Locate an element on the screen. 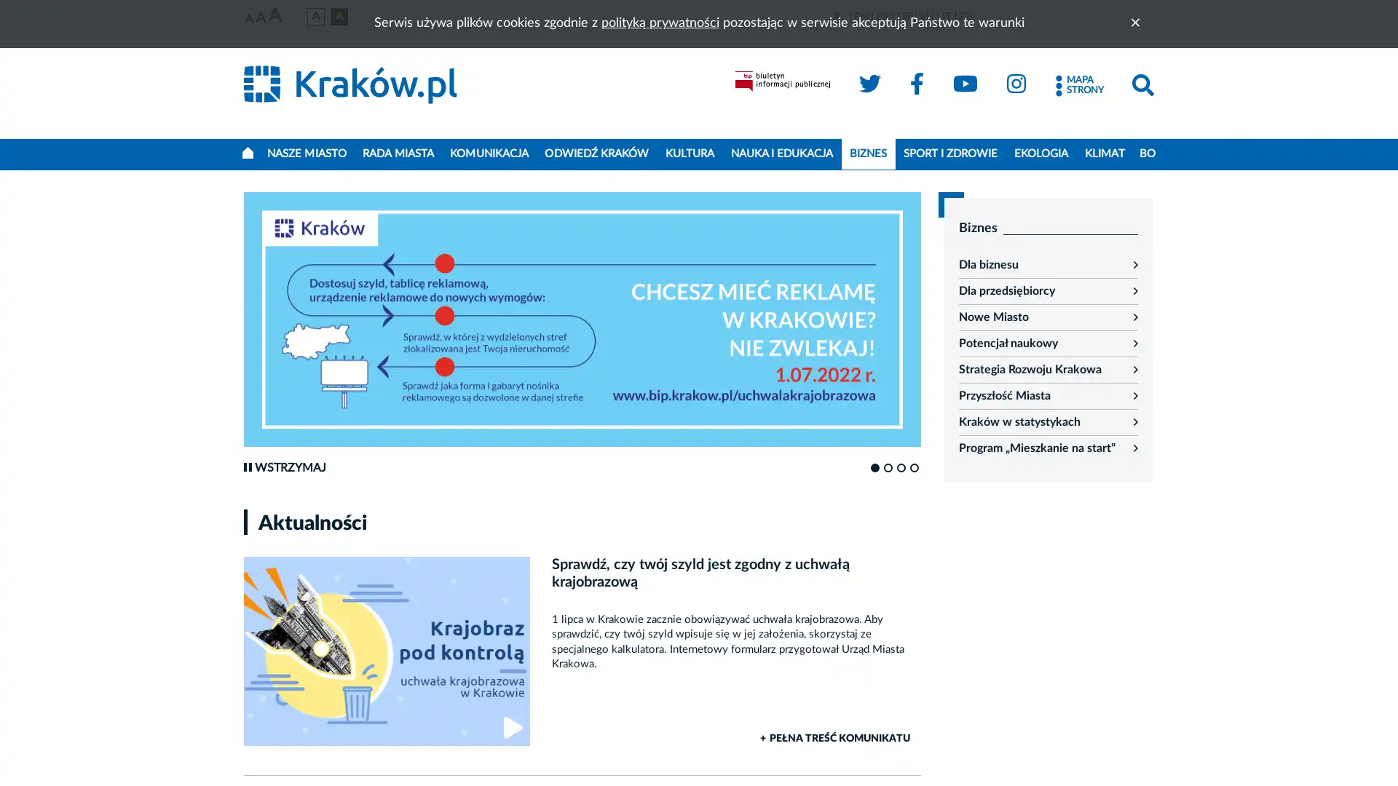 The height and width of the screenshot is (786, 1398). Go to slide 3 is located at coordinates (901, 468).